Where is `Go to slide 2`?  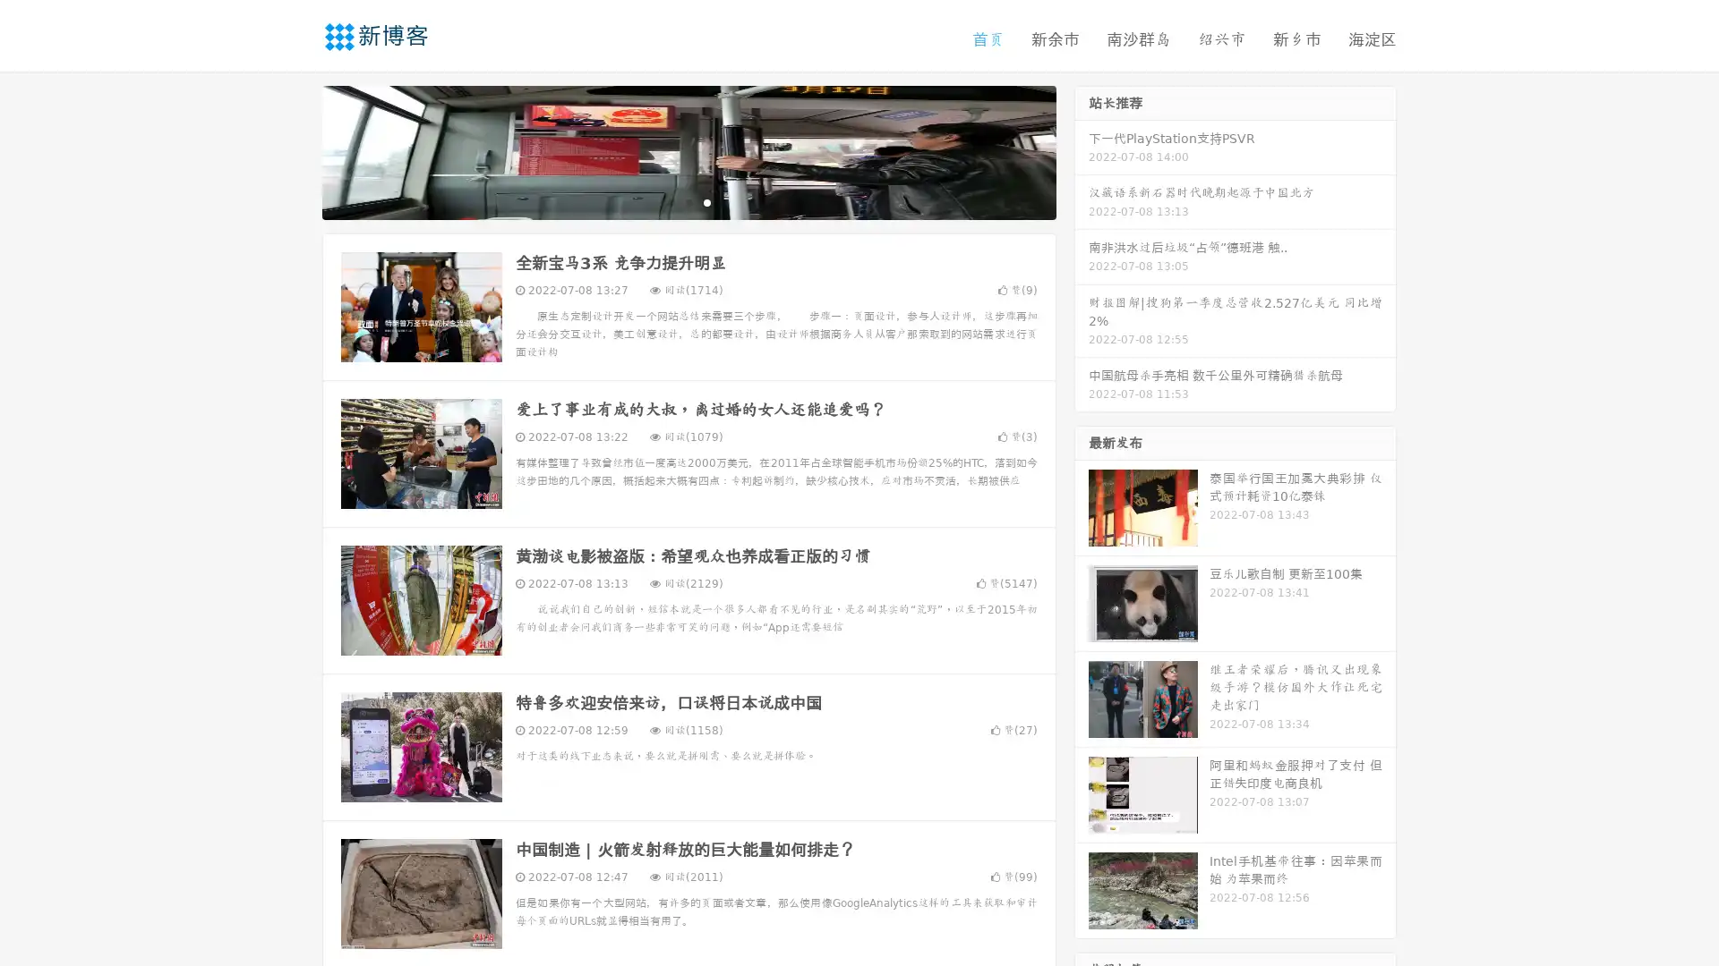 Go to slide 2 is located at coordinates (688, 201).